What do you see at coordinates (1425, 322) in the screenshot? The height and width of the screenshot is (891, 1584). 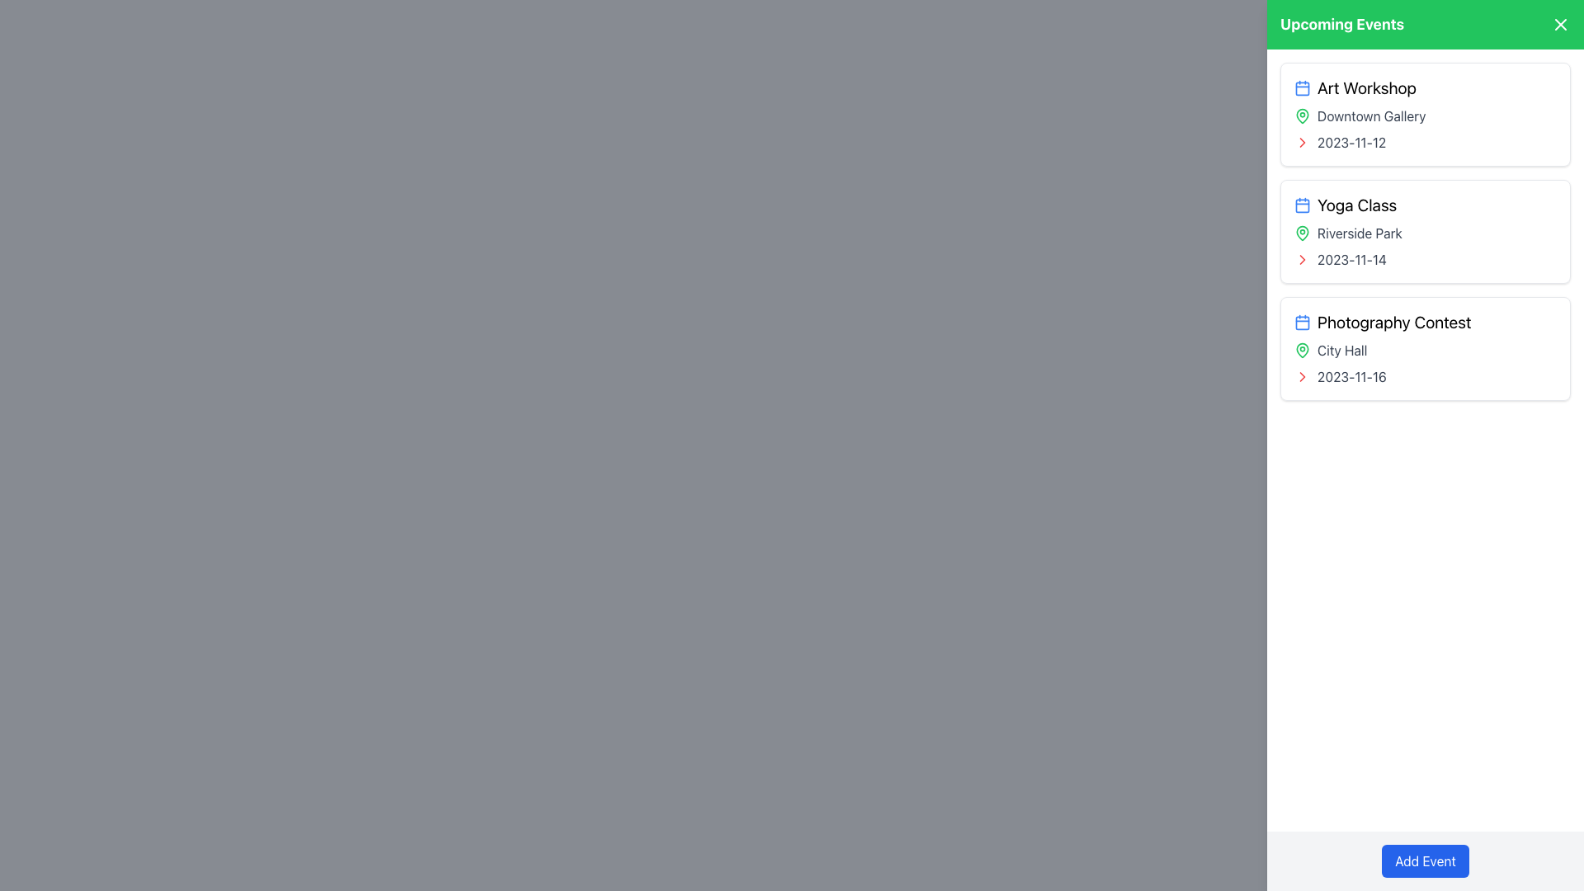 I see `text label displaying 'Photography Contest', which is located in the third item of the 'Upcoming Events' list in the right sidebar` at bounding box center [1425, 322].